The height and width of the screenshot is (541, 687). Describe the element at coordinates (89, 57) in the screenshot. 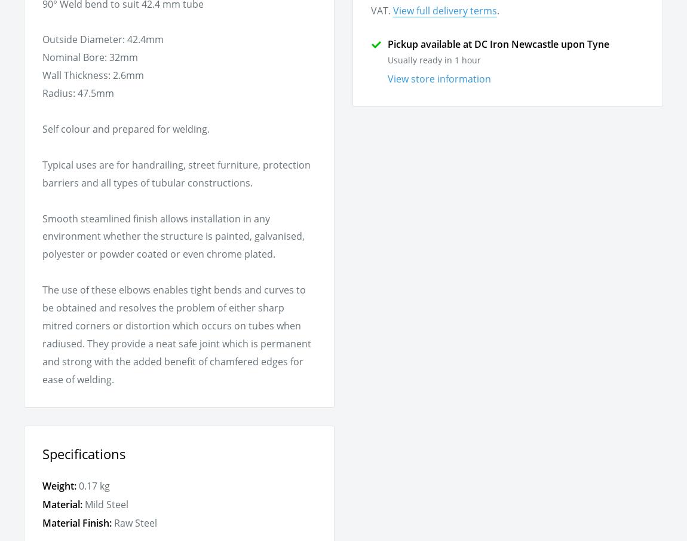

I see `'Nominal Bore: 32mm'` at that location.